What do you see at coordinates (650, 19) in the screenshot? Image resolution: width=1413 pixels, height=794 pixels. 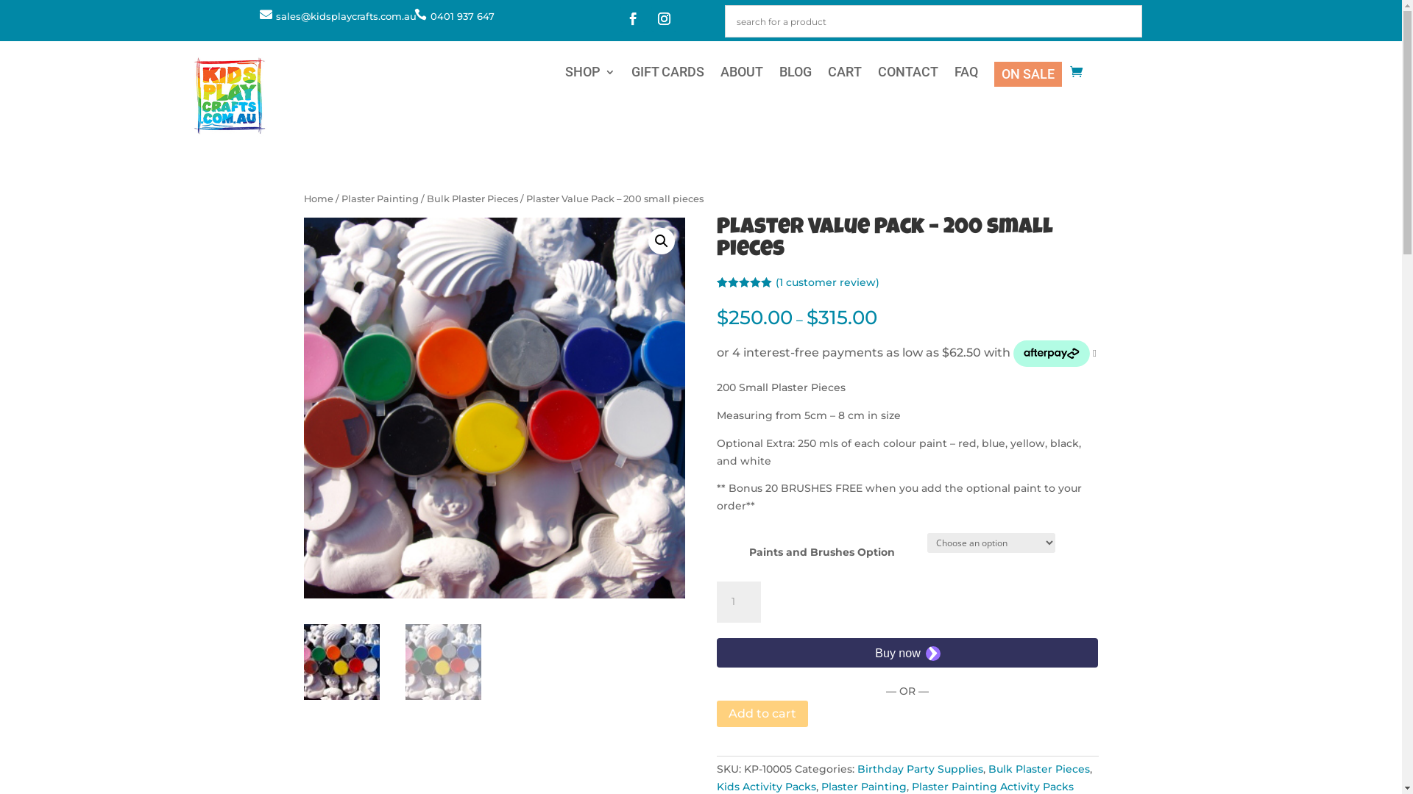 I see `'Follow on Instagram'` at bounding box center [650, 19].